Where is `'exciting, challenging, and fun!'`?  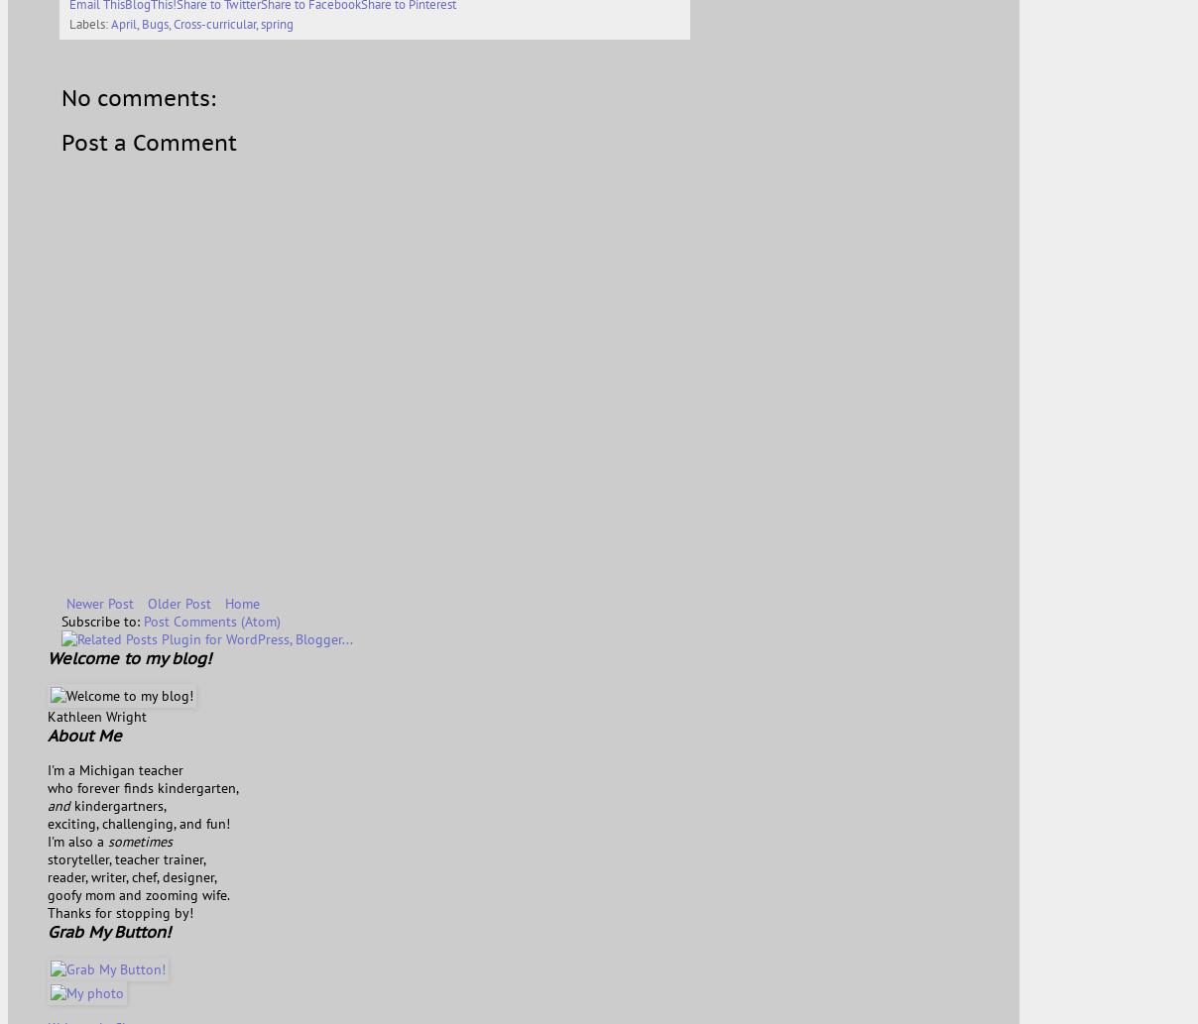
'exciting, challenging, and fun!' is located at coordinates (138, 823).